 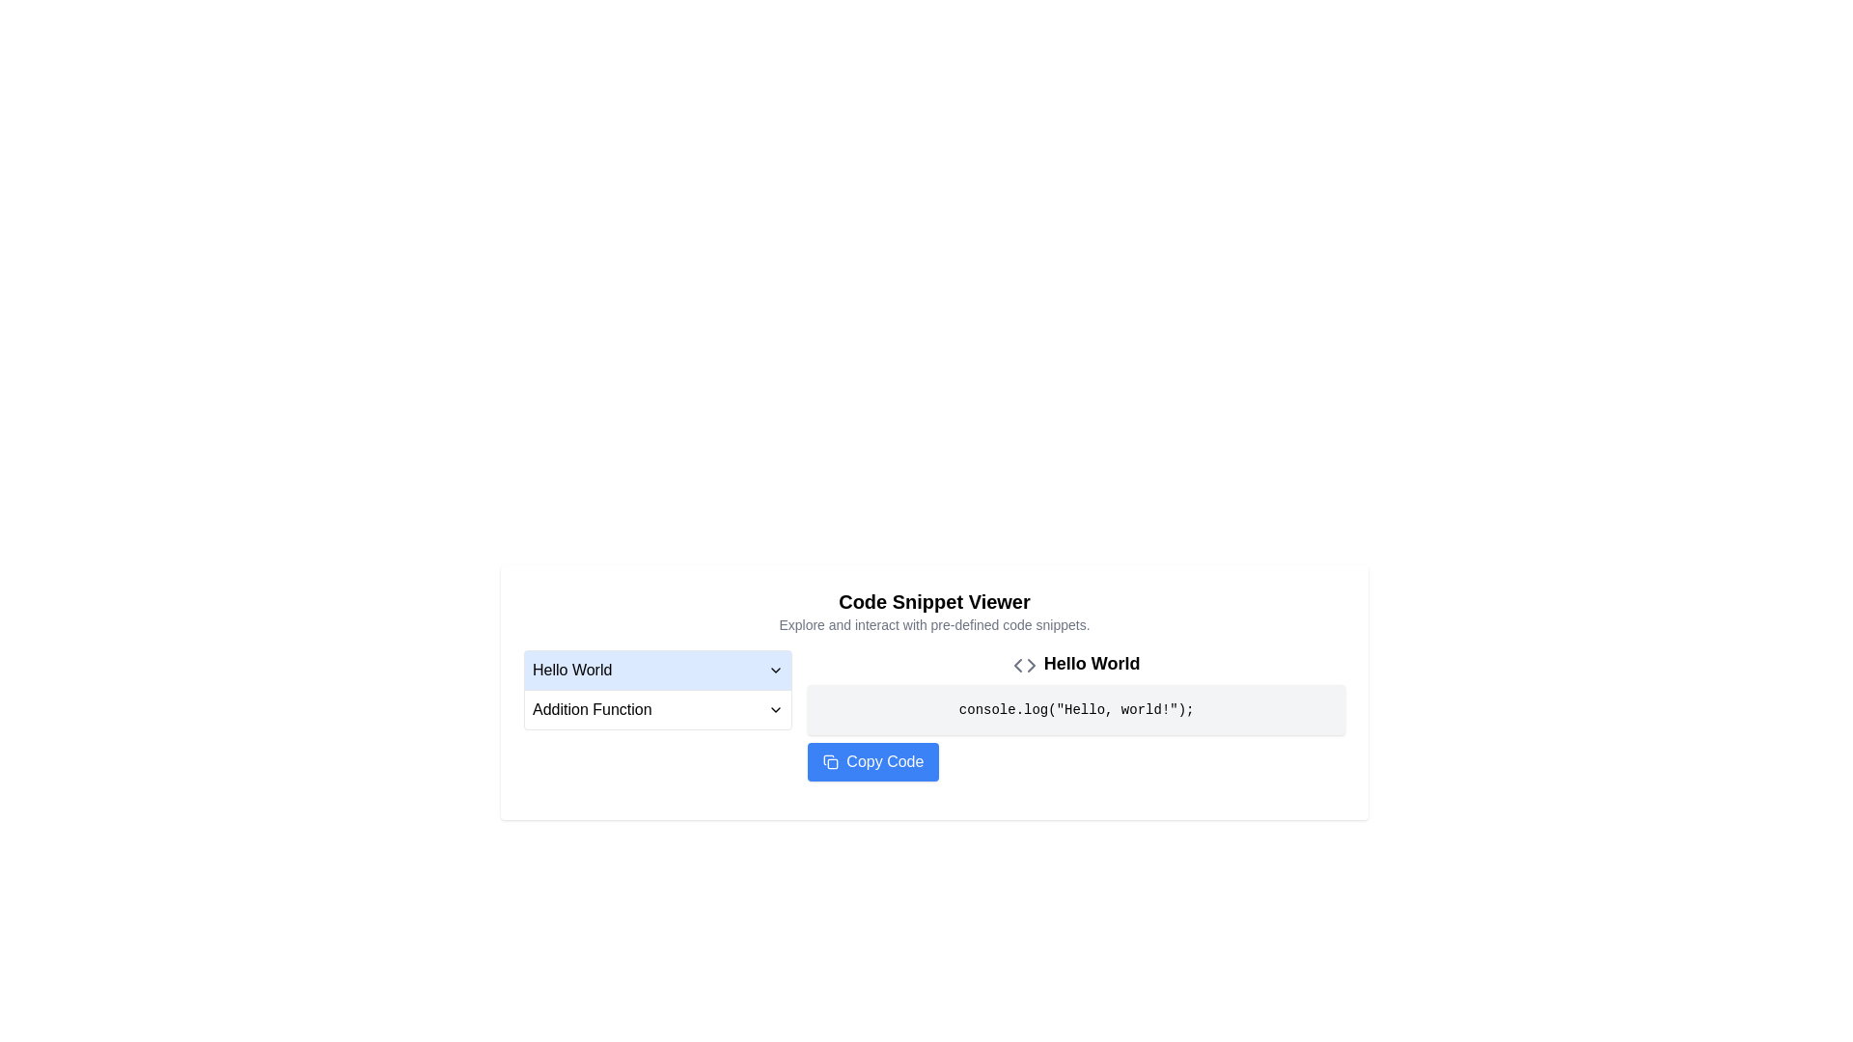 What do you see at coordinates (591, 710) in the screenshot?
I see `the 'Addition Function' text label located in the dropdown menu below the 'Hello World' list item` at bounding box center [591, 710].